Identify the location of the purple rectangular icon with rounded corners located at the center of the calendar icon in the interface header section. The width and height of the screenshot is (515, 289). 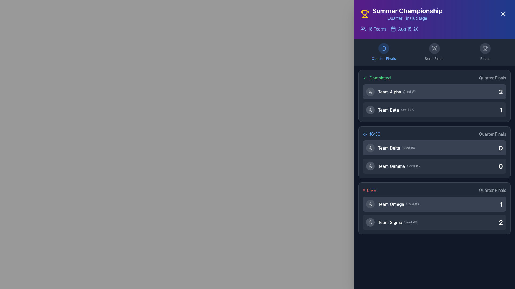
(393, 29).